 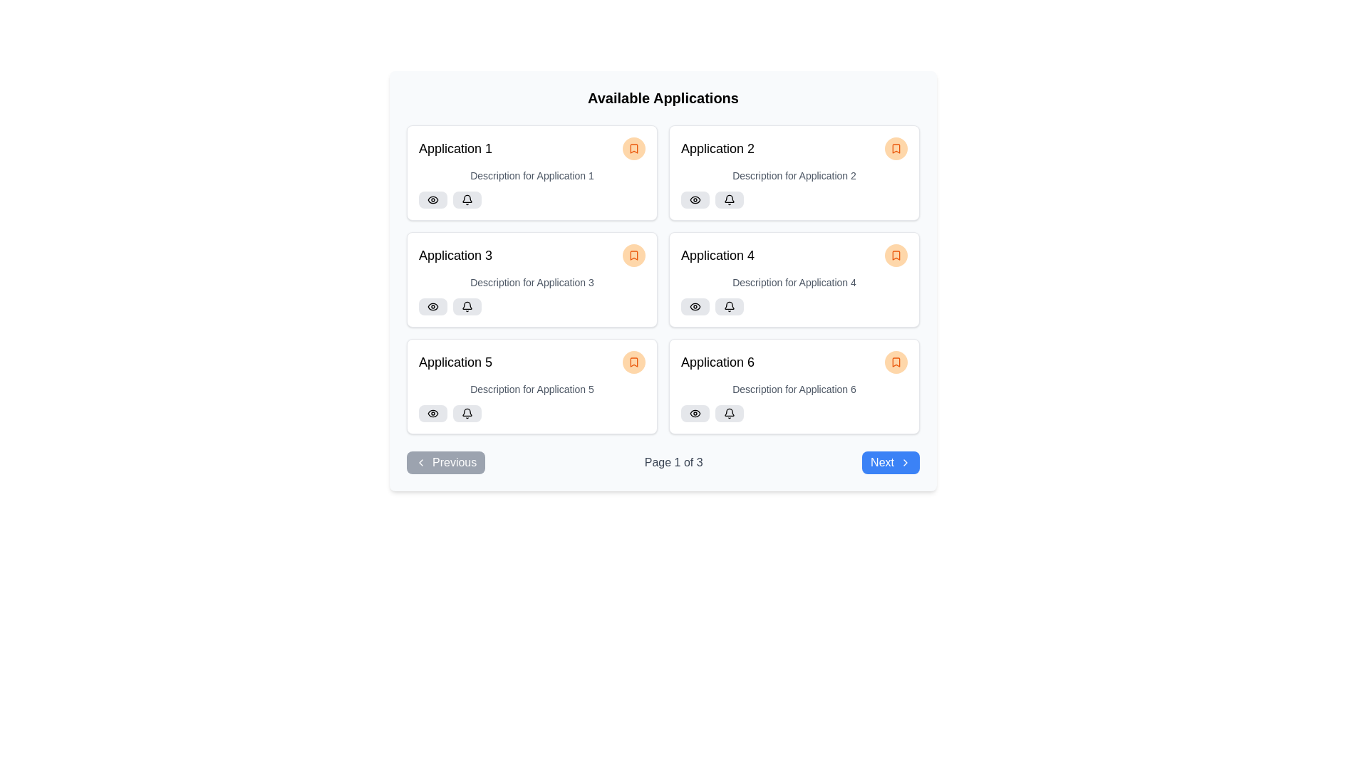 I want to click on the eye-shaped icon with a hollow circular design located within the card labeled 'Application 1', positioned in the first row and first column of the grid layout, so click(x=432, y=200).